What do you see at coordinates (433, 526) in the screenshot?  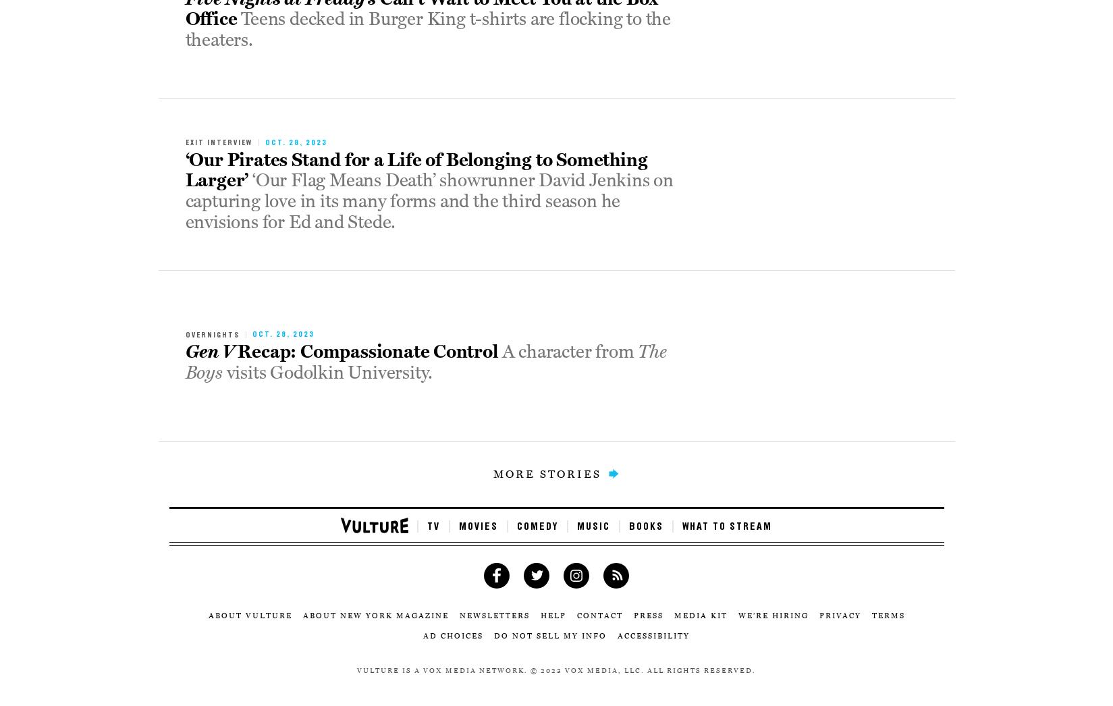 I see `'TV'` at bounding box center [433, 526].